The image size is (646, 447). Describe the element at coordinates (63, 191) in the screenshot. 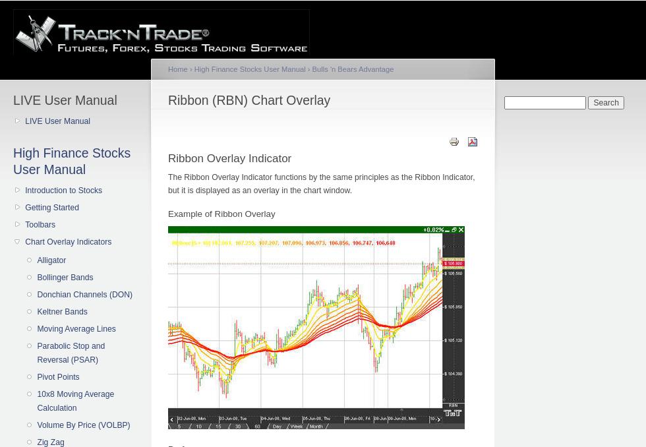

I see `'Introduction to Stocks'` at that location.